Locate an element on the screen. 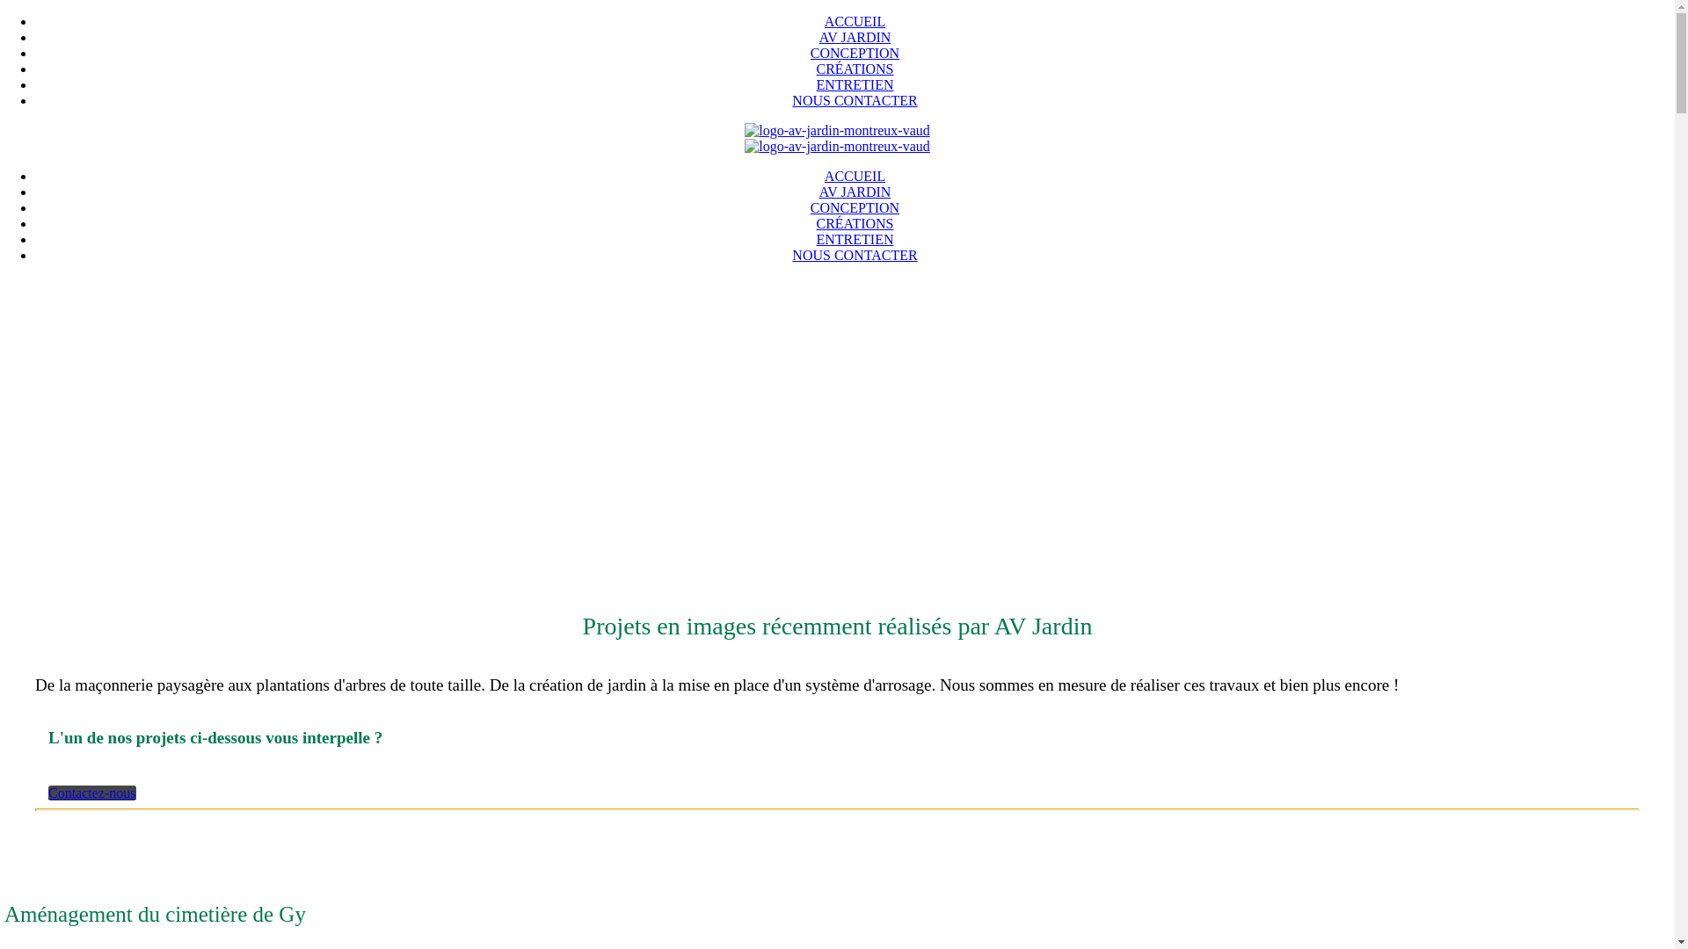 Image resolution: width=1688 pixels, height=949 pixels. 'CONCEPTION' is located at coordinates (809, 52).